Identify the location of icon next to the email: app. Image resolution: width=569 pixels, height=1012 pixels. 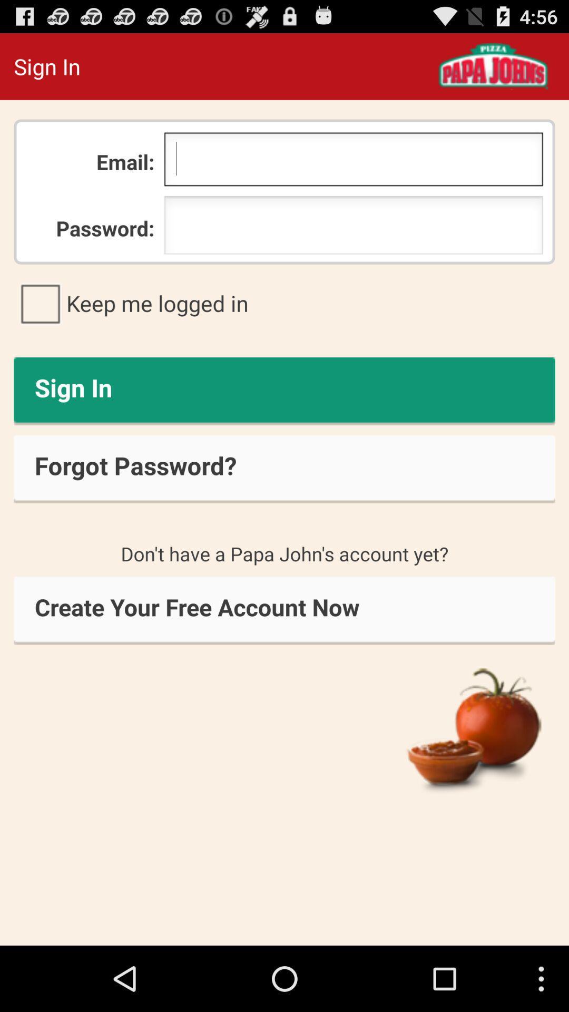
(354, 161).